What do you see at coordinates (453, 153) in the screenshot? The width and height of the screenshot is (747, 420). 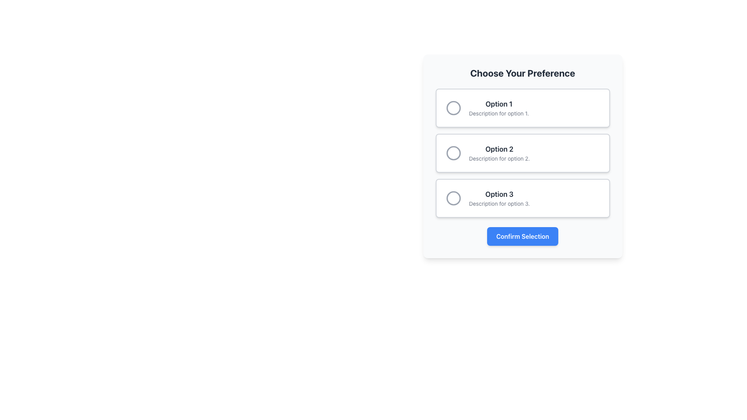 I see `the Radio Button Indicator located` at bounding box center [453, 153].